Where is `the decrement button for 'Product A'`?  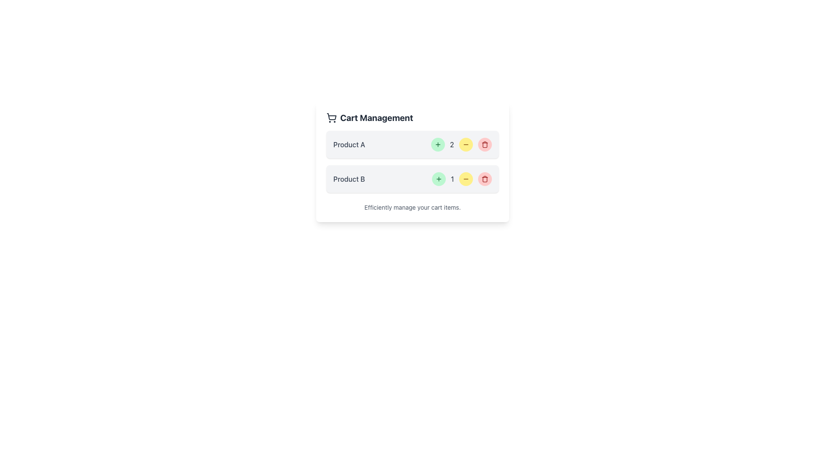 the decrement button for 'Product A' is located at coordinates (465, 144).